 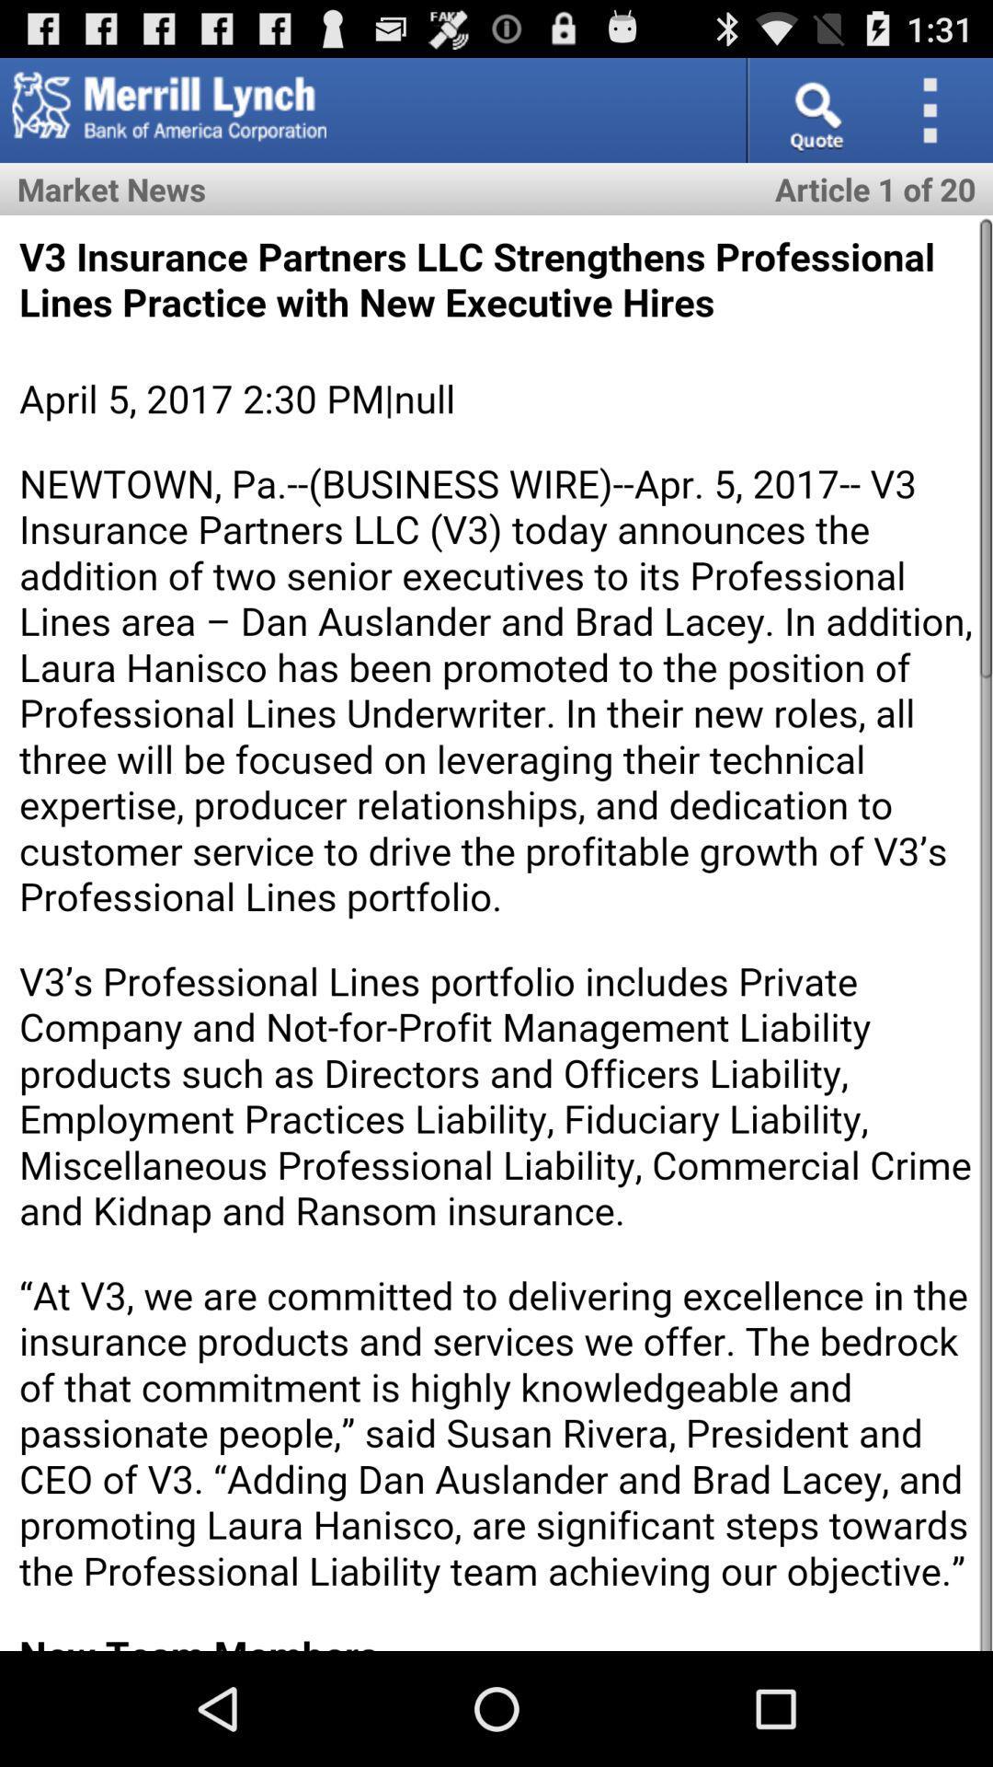 What do you see at coordinates (813, 117) in the screenshot?
I see `the search icon` at bounding box center [813, 117].